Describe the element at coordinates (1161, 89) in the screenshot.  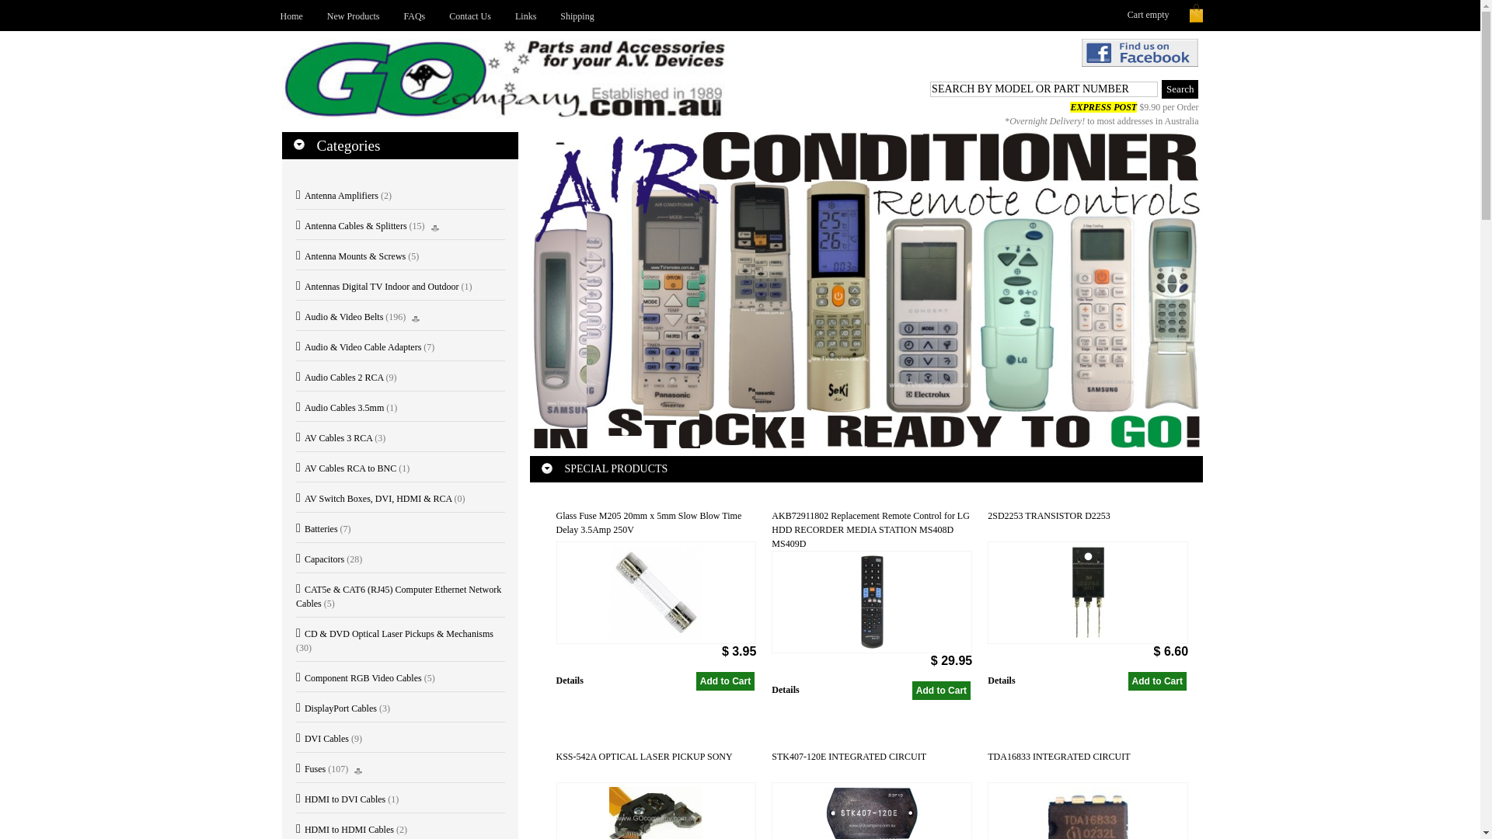
I see `'Search'` at that location.